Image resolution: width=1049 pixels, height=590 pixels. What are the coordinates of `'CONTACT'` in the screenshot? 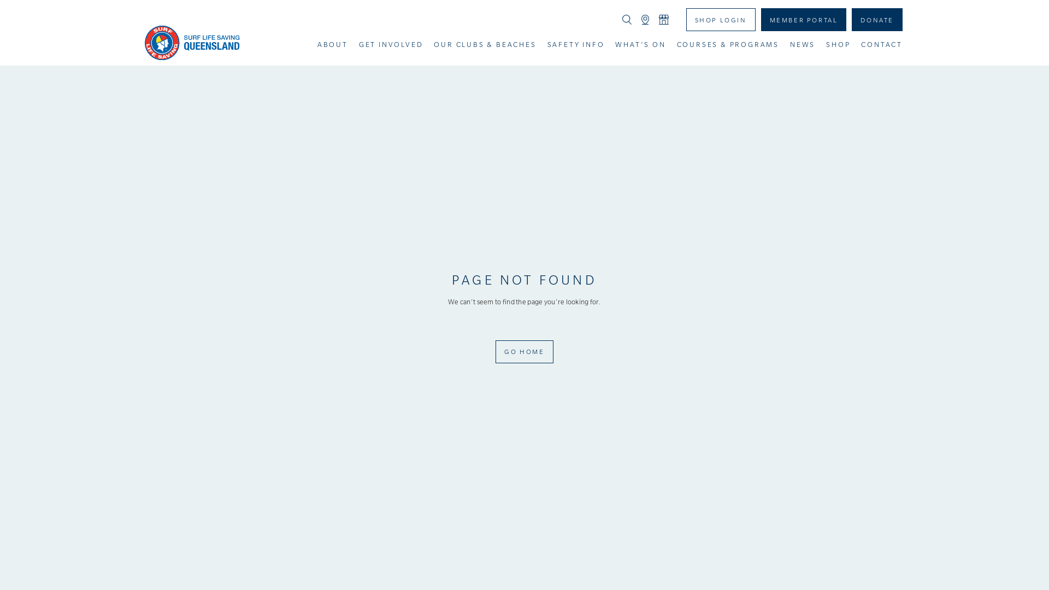 It's located at (881, 44).